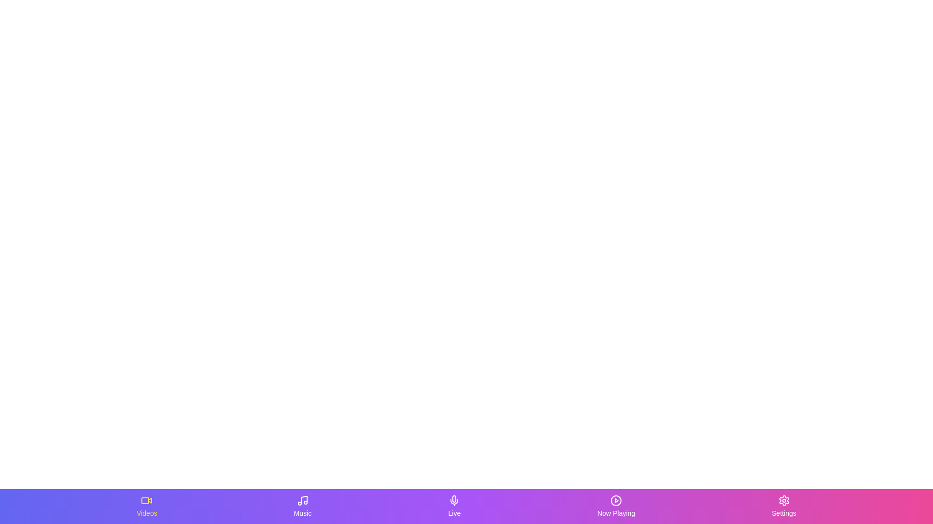 The image size is (933, 524). Describe the element at coordinates (146, 506) in the screenshot. I see `the Videos tab in the bottom navigation bar` at that location.